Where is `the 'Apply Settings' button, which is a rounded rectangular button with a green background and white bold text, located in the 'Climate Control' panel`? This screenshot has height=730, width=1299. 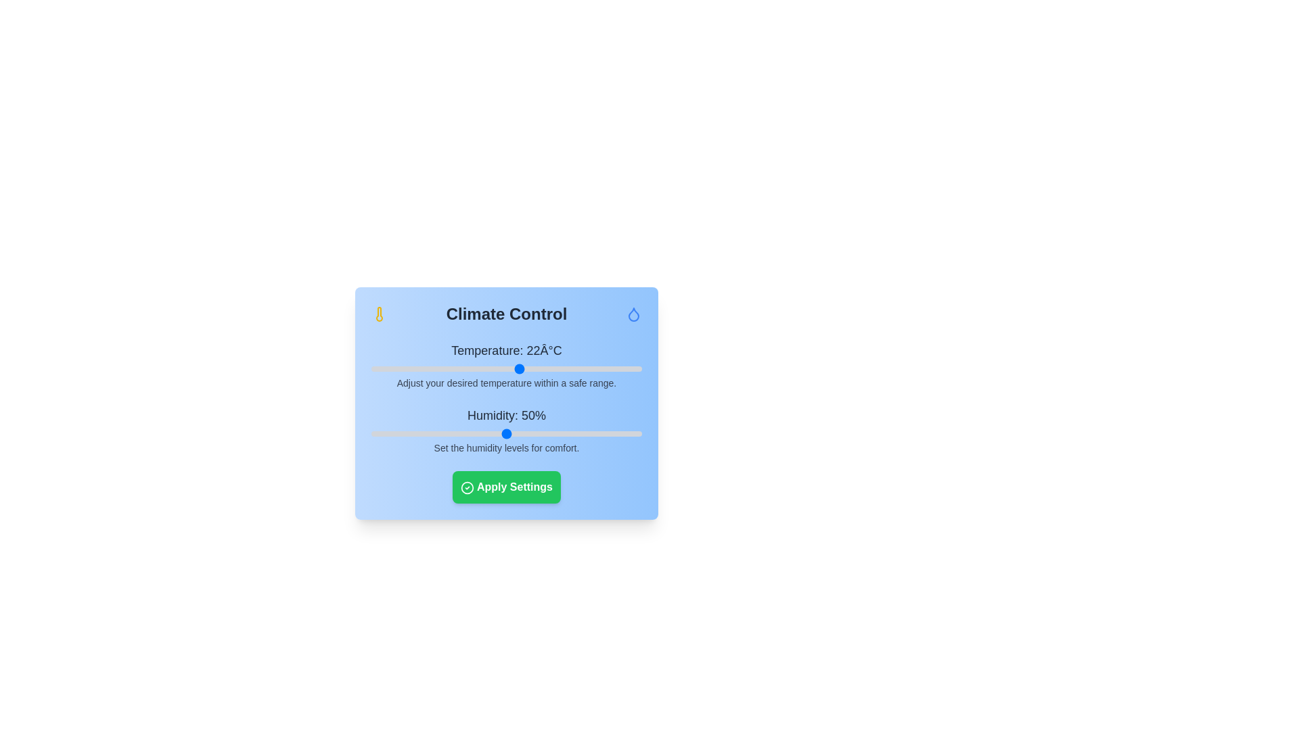 the 'Apply Settings' button, which is a rounded rectangular button with a green background and white bold text, located in the 'Climate Control' panel is located at coordinates (505, 487).